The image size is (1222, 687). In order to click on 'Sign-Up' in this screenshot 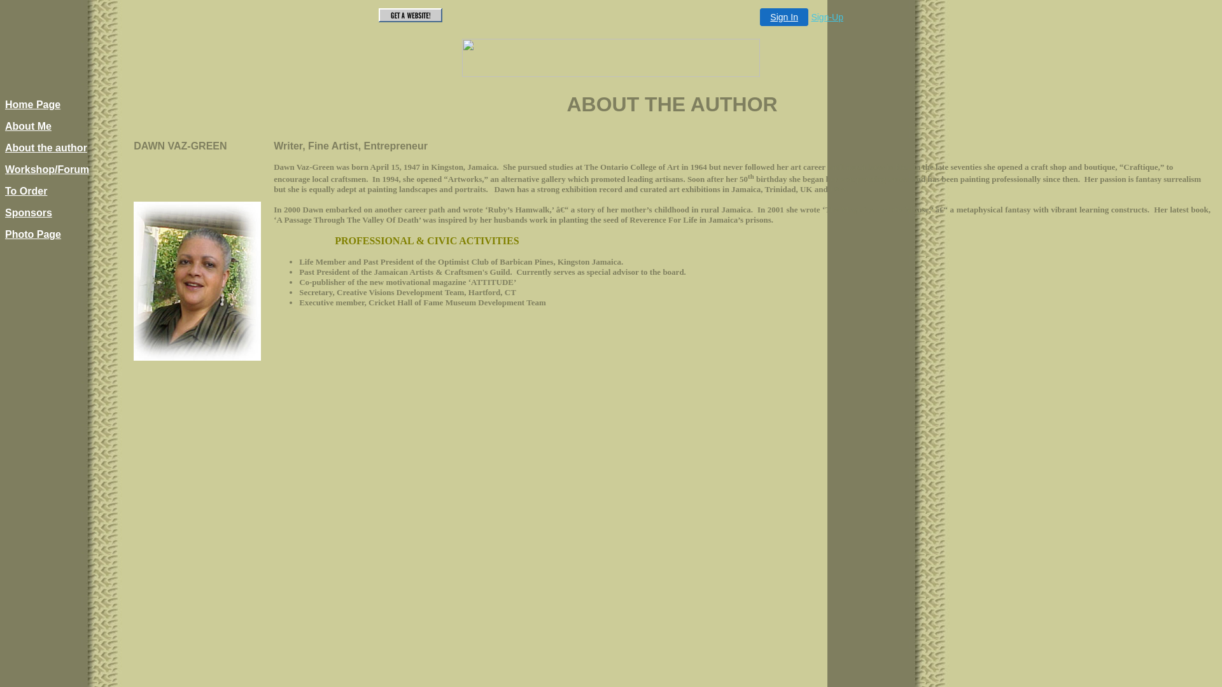, I will do `click(827, 17)`.